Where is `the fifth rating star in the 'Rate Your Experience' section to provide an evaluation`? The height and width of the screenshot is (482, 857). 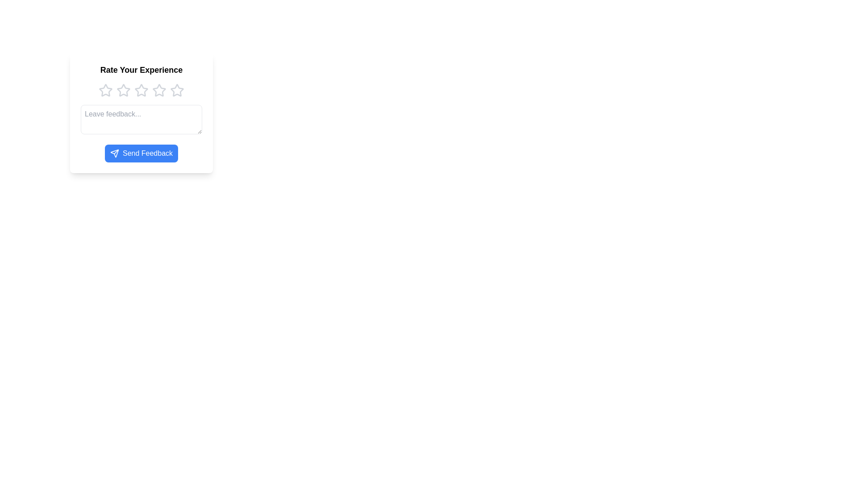
the fifth rating star in the 'Rate Your Experience' section to provide an evaluation is located at coordinates (177, 91).